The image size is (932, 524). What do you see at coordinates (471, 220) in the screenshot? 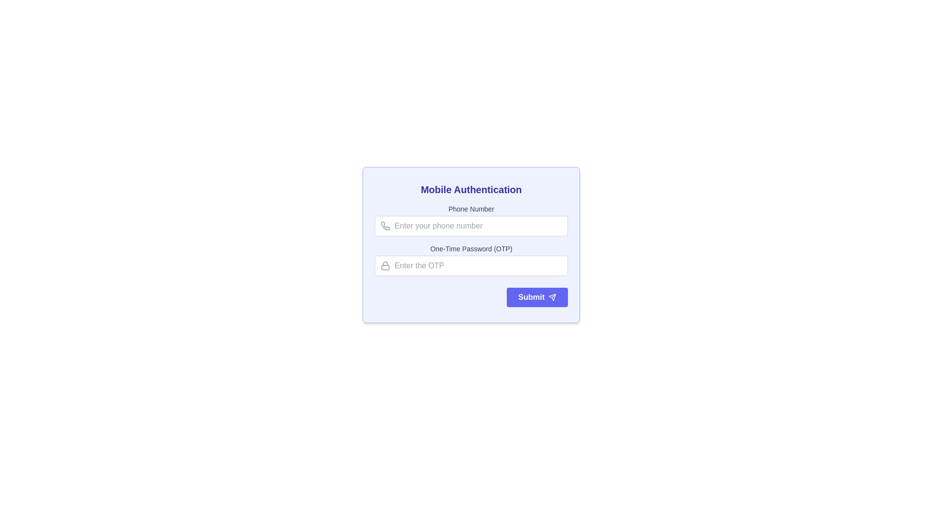
I see `the phone icon in the Labeled Input Field for phone number input, which is located in the Mobile Authentication section` at bounding box center [471, 220].